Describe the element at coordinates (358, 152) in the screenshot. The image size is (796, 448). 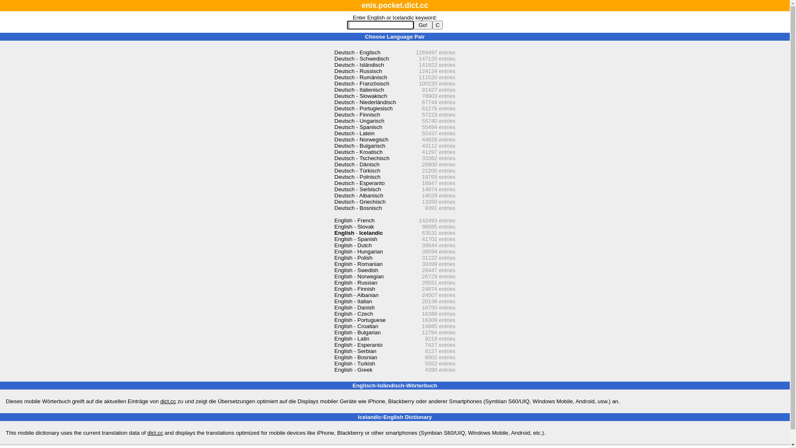
I see `'Deutsch - Kroatisch'` at that location.